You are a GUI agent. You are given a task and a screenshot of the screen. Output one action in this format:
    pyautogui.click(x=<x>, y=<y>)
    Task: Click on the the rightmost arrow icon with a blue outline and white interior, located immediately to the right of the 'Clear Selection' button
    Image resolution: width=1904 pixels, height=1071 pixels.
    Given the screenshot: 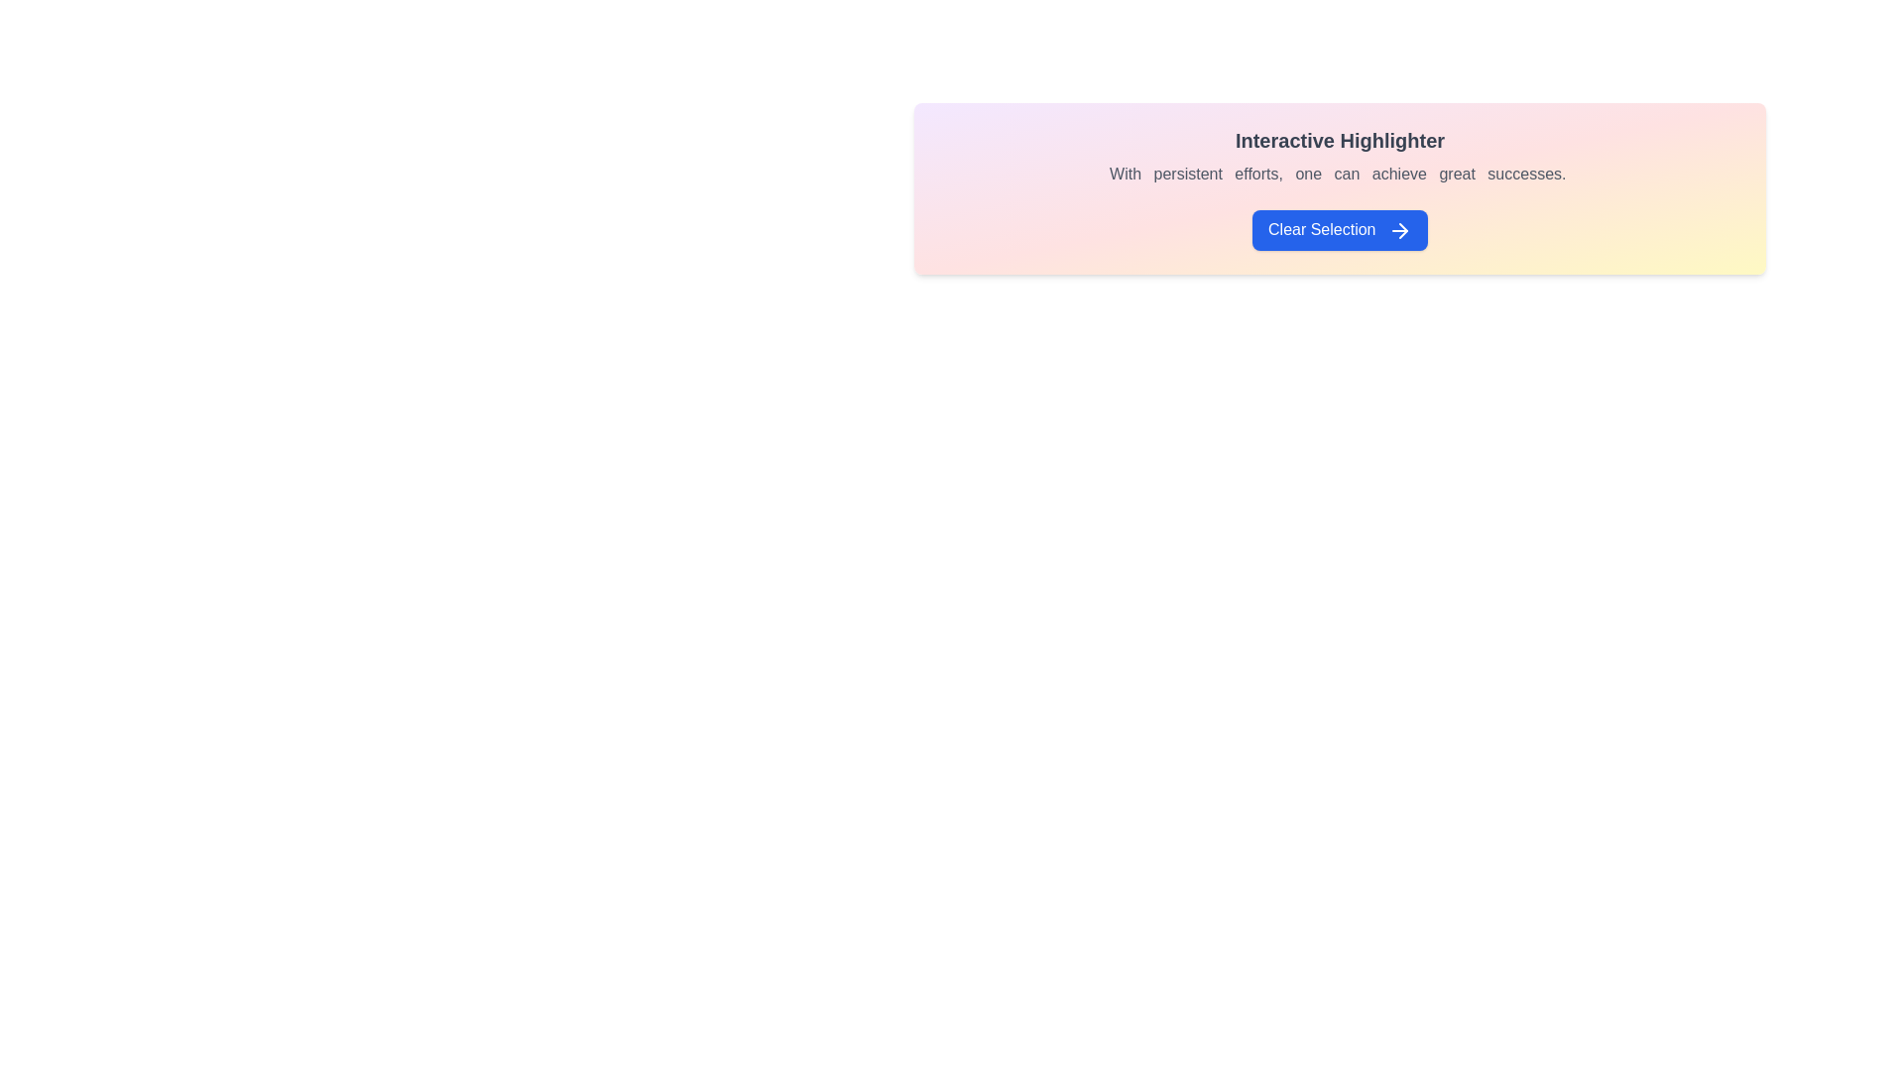 What is the action you would take?
    pyautogui.click(x=1398, y=229)
    